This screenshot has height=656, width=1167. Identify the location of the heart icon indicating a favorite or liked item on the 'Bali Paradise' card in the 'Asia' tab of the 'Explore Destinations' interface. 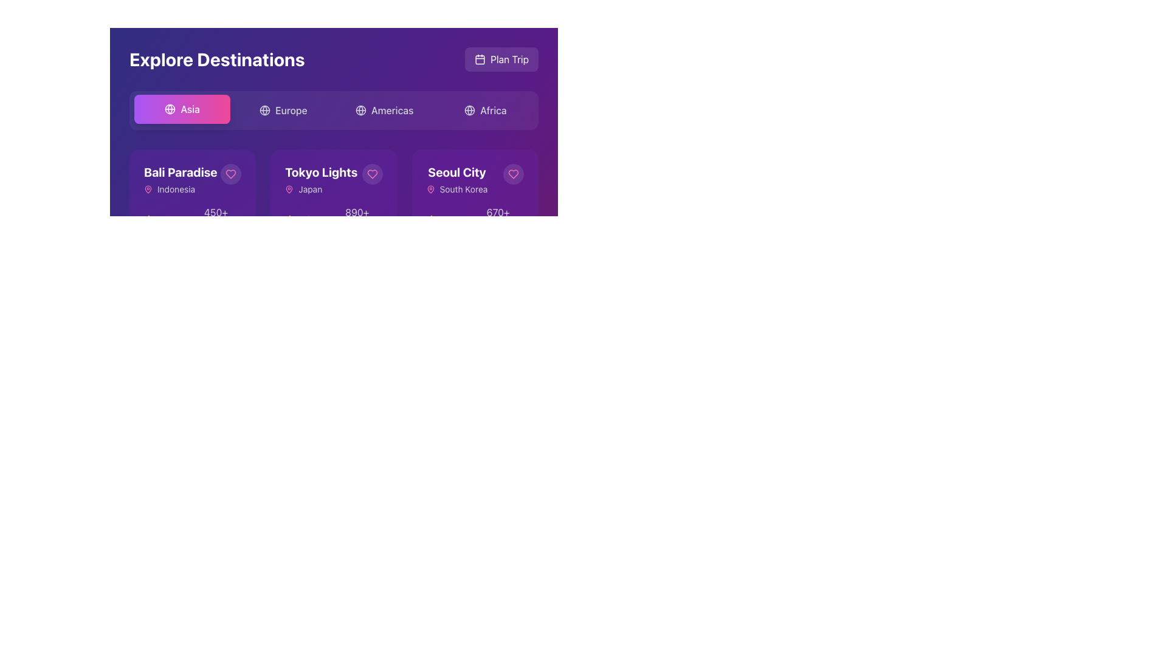
(231, 174).